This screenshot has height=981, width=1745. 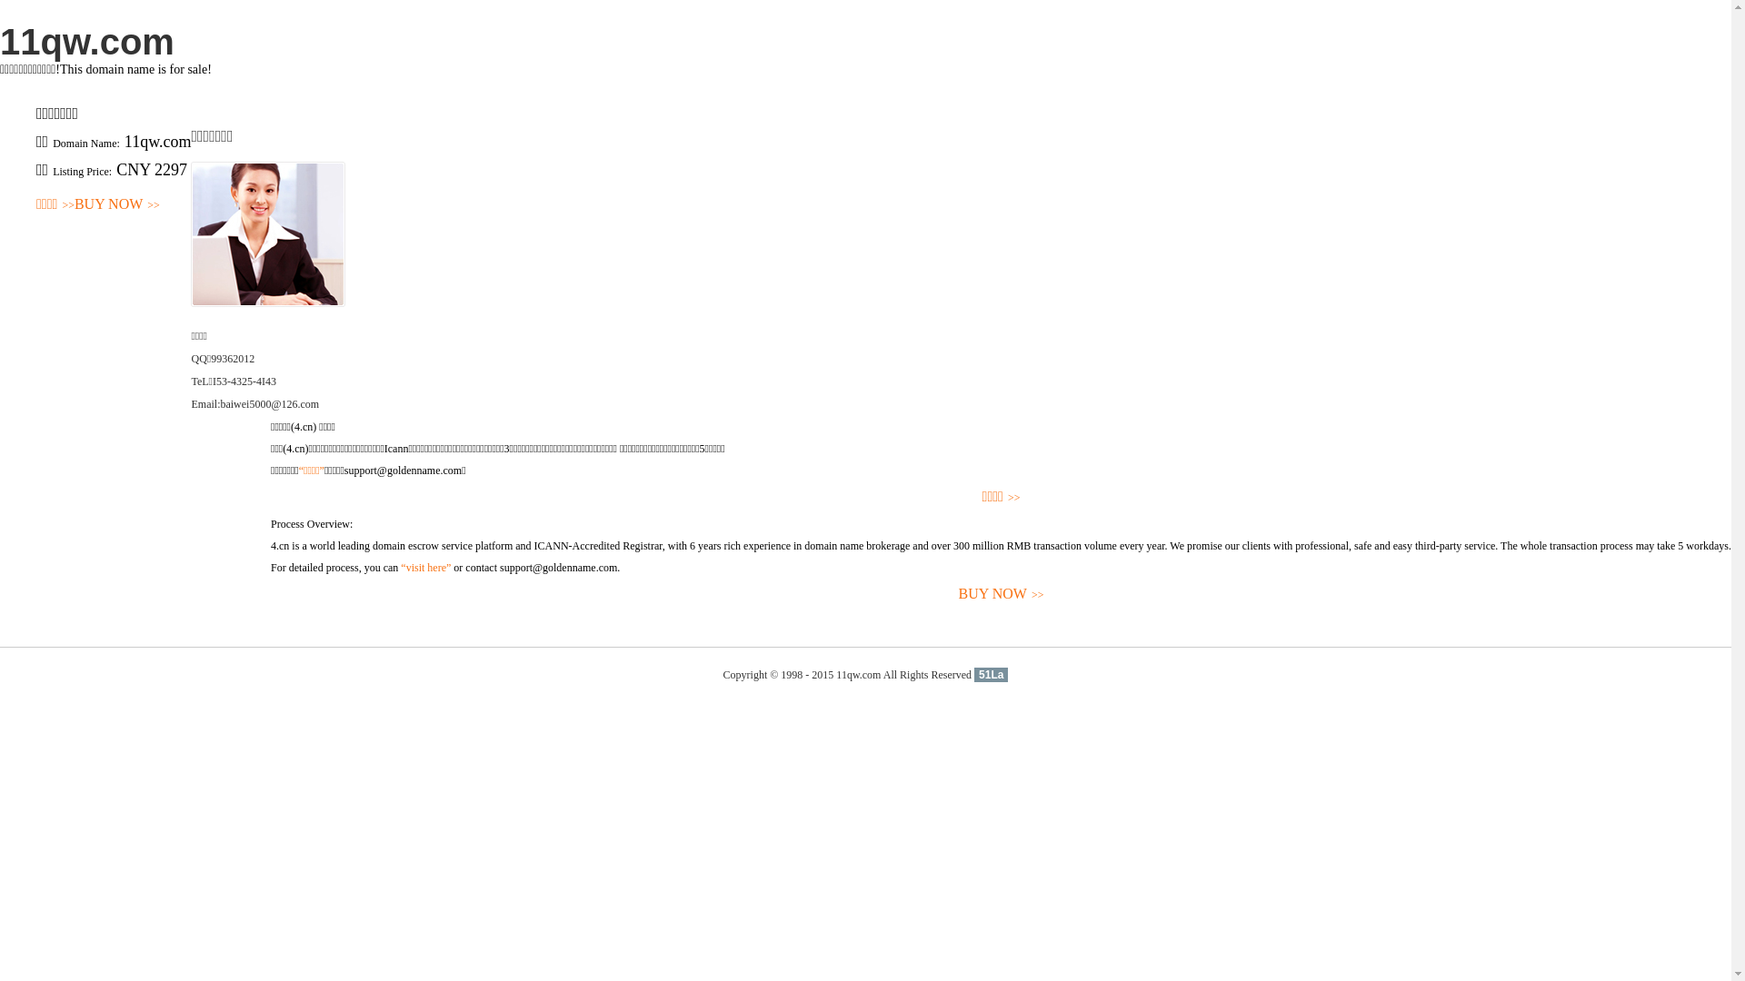 What do you see at coordinates (990, 675) in the screenshot?
I see `'51La'` at bounding box center [990, 675].